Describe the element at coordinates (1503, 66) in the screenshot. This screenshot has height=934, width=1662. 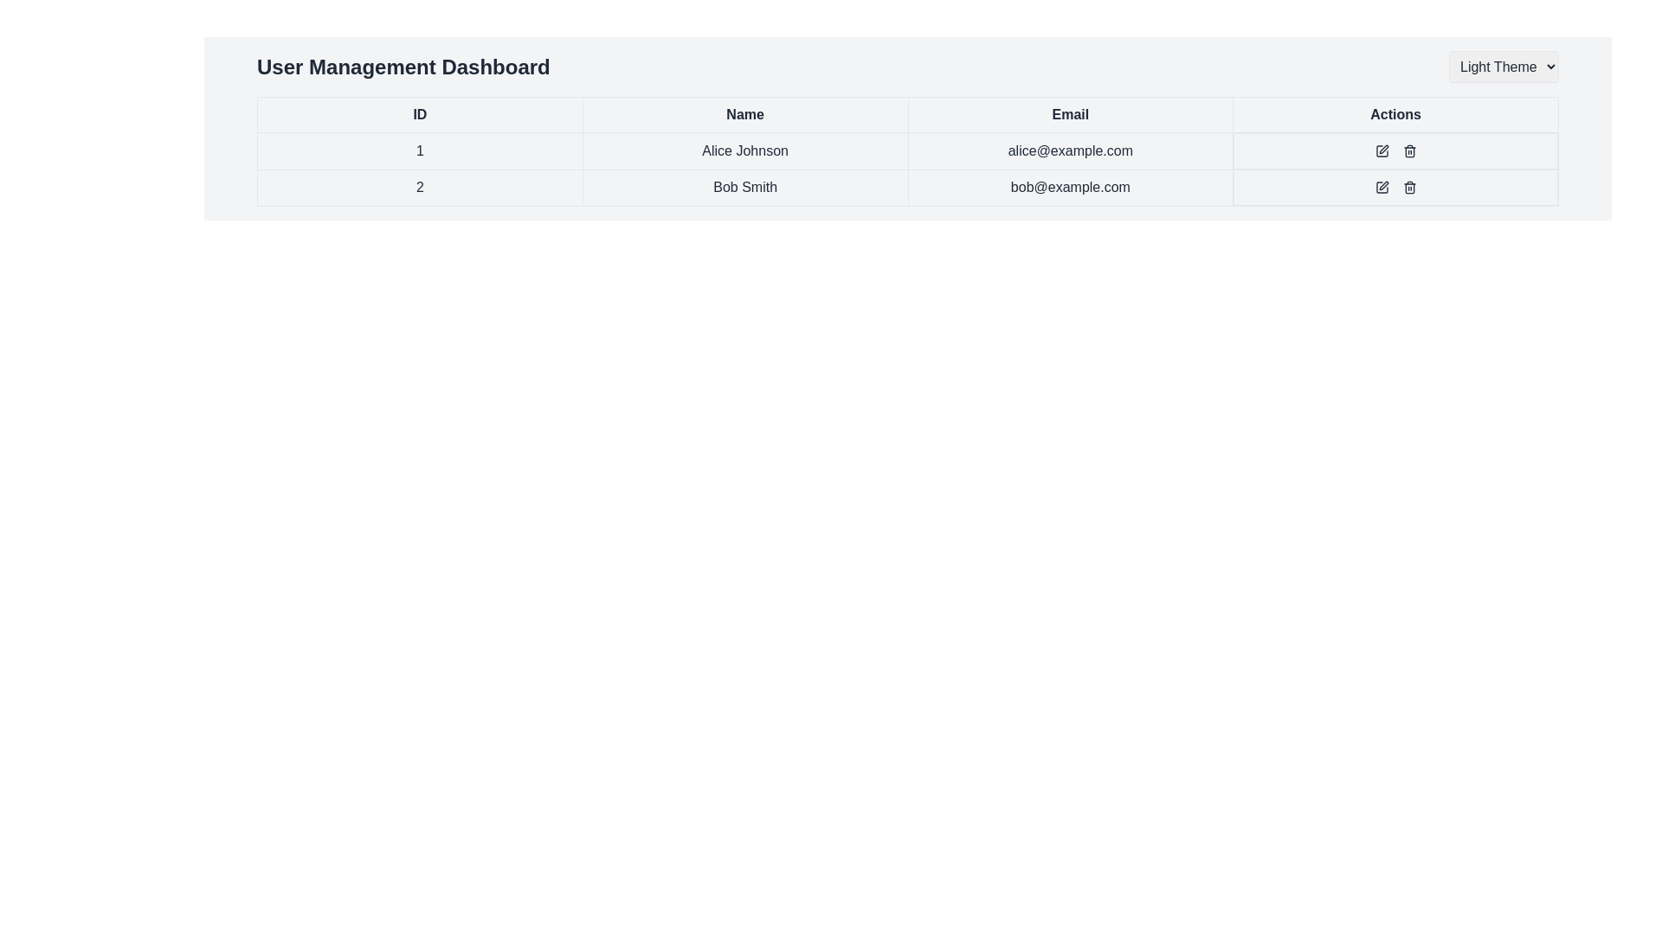
I see `the dropdown menu for theme selection located in the top-right corner adjacent to 'User Management Dashboard'` at that location.